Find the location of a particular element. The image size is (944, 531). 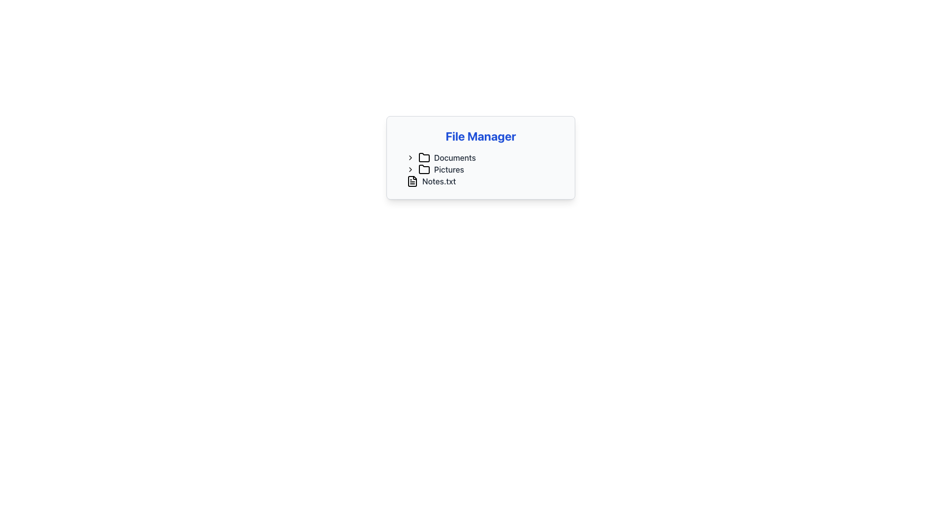

the folder icon located to the left of the 'Documents' text label in the File Manager section is located at coordinates (424, 157).